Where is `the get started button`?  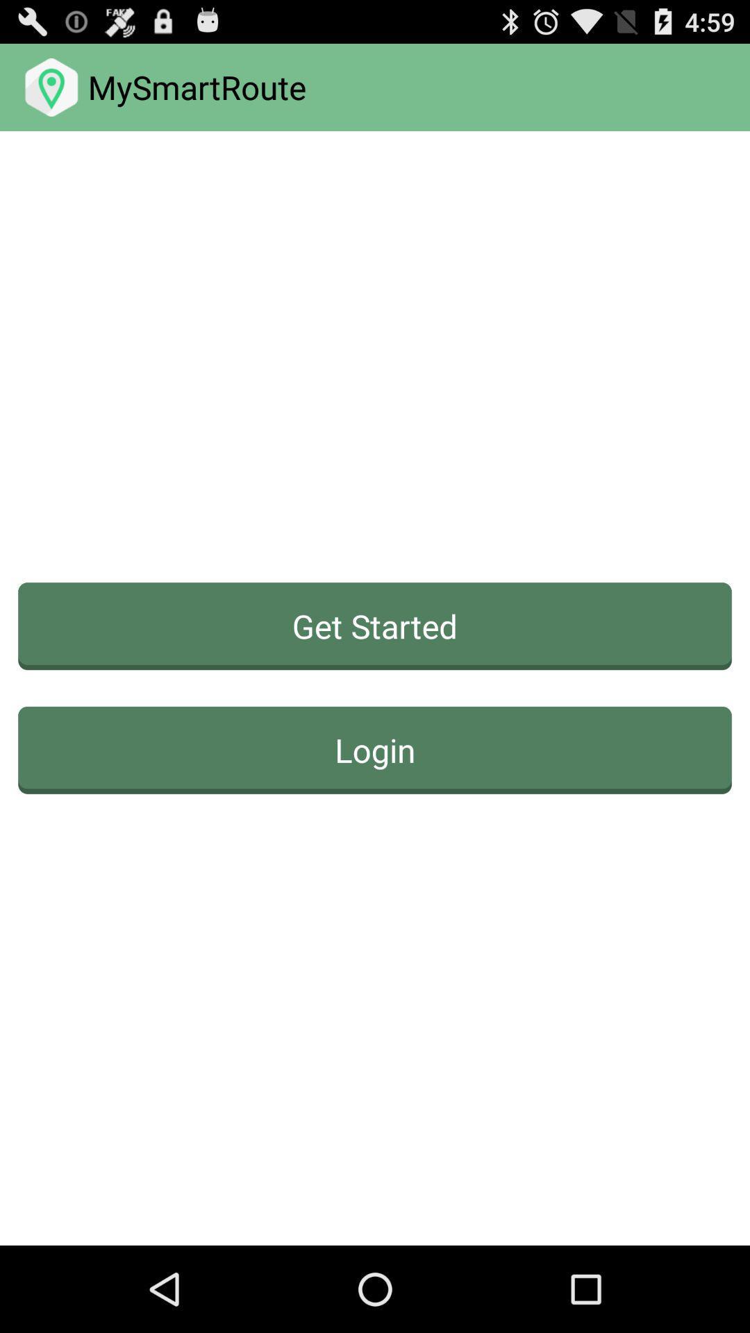 the get started button is located at coordinates (375, 626).